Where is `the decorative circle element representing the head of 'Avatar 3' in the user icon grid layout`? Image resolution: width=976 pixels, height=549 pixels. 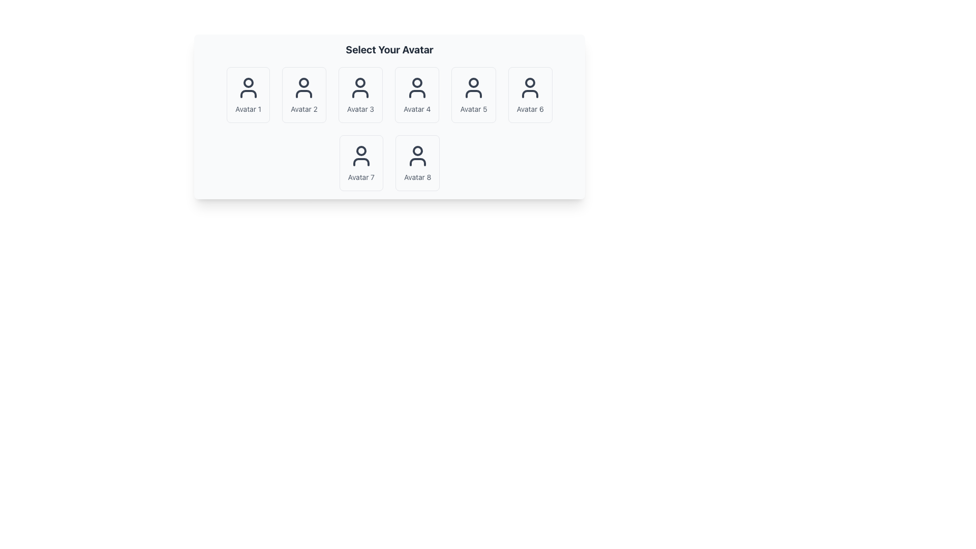 the decorative circle element representing the head of 'Avatar 3' in the user icon grid layout is located at coordinates (360, 82).